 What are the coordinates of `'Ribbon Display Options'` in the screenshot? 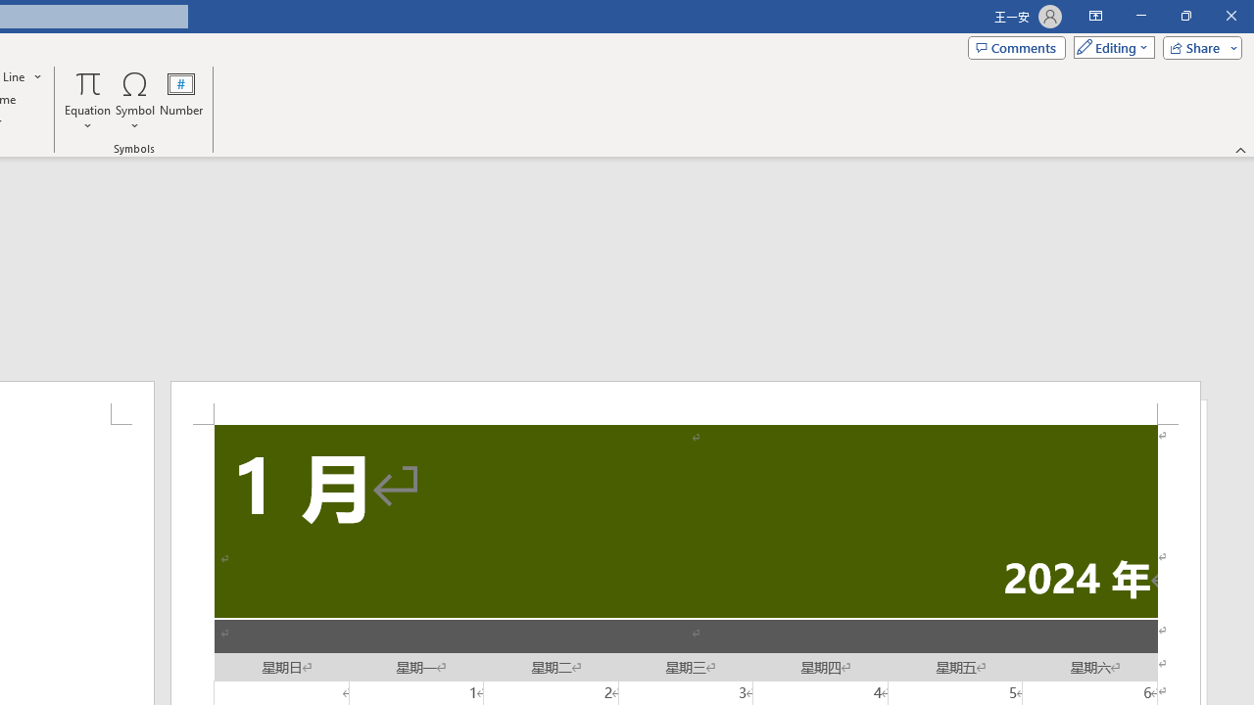 It's located at (1094, 16).